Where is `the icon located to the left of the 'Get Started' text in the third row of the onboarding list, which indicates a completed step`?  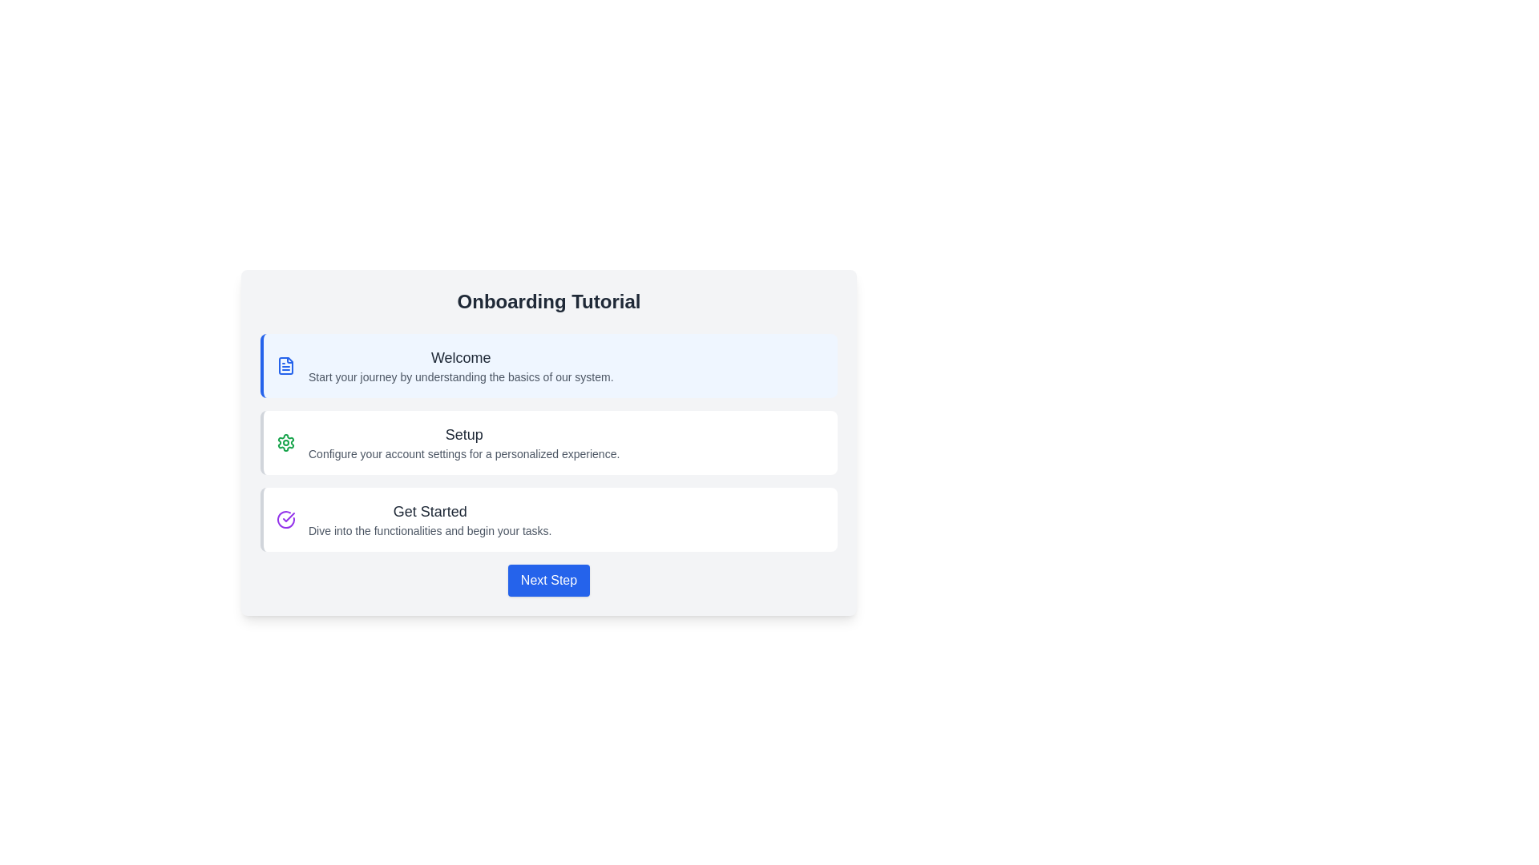
the icon located to the left of the 'Get Started' text in the third row of the onboarding list, which indicates a completed step is located at coordinates (285, 519).